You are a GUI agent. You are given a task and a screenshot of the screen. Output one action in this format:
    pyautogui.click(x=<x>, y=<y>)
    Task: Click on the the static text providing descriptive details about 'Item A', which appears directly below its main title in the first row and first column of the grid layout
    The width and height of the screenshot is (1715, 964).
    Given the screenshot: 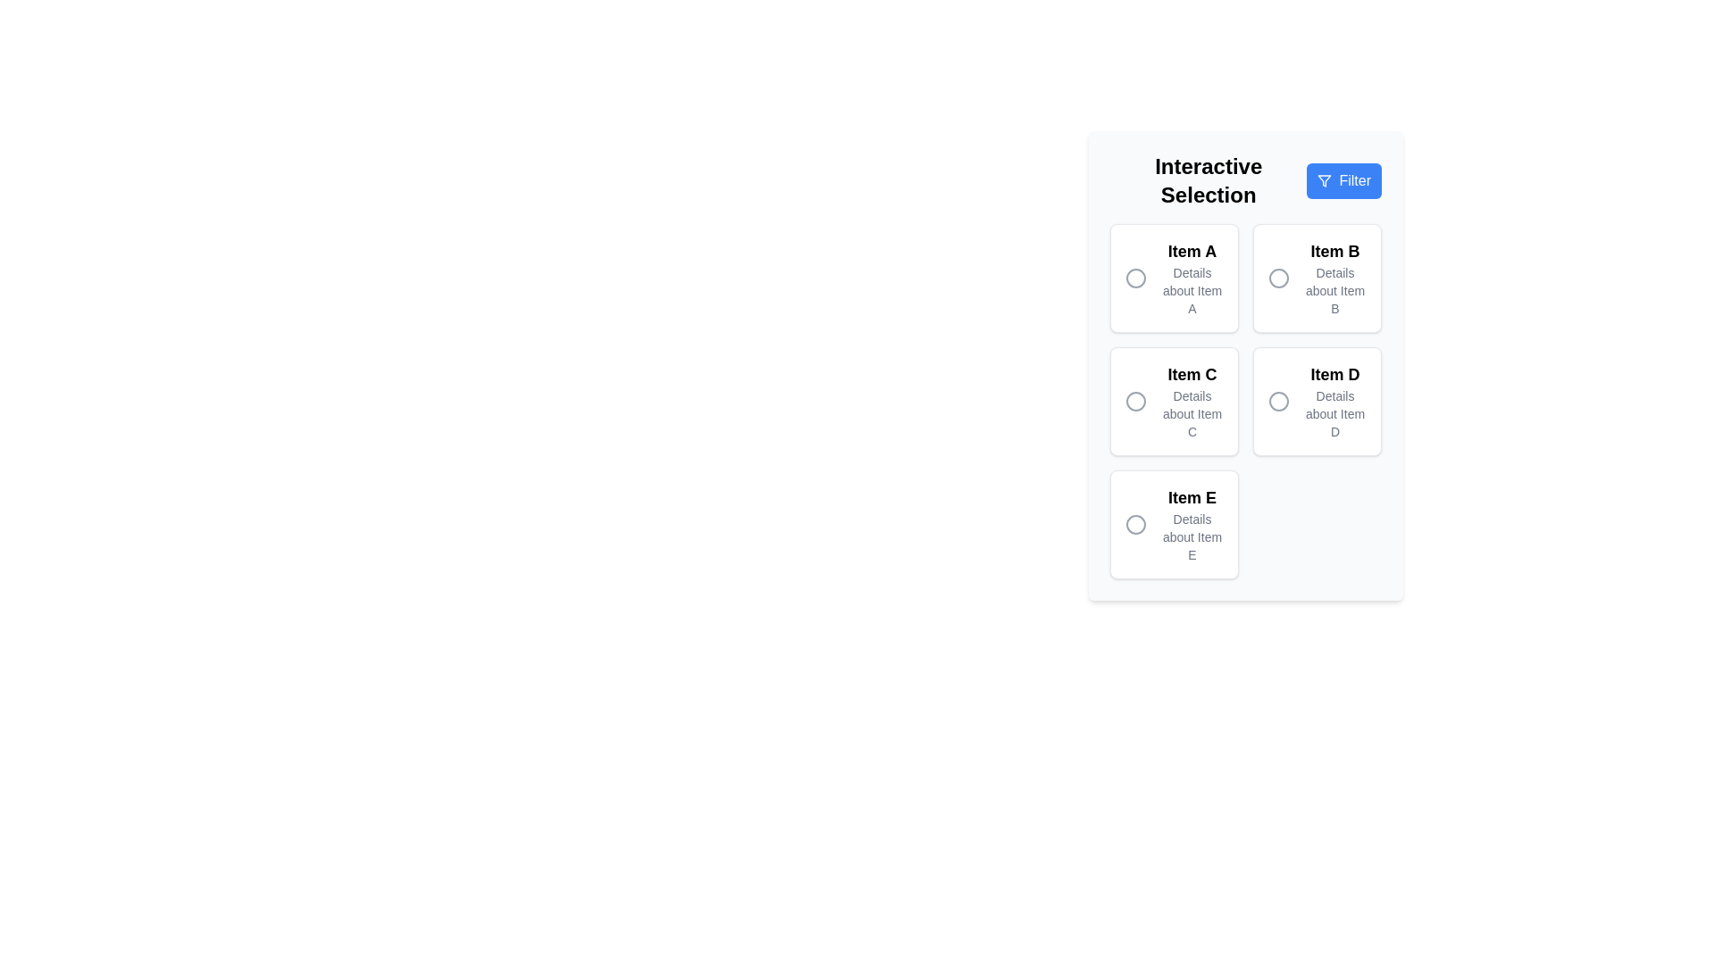 What is the action you would take?
    pyautogui.click(x=1192, y=290)
    